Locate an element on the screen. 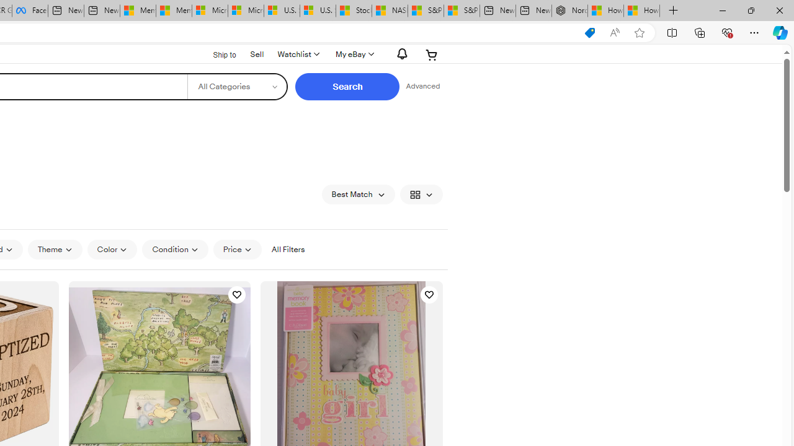  'Ship to' is located at coordinates (216, 53).